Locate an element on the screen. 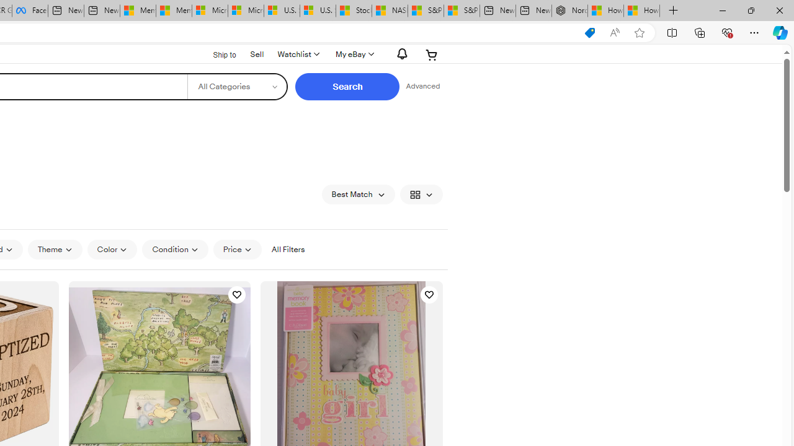  'Ship to' is located at coordinates (216, 53).